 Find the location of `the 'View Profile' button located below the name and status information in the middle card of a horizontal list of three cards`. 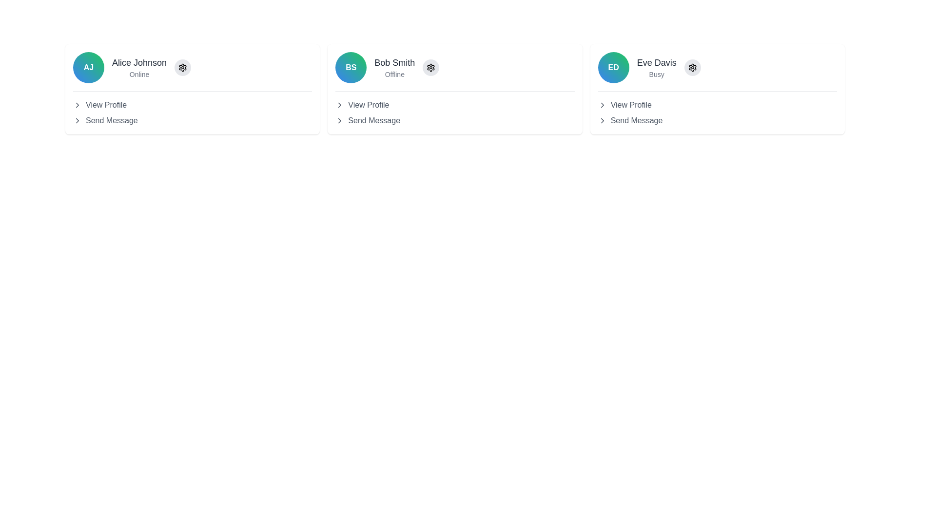

the 'View Profile' button located below the name and status information in the middle card of a horizontal list of three cards is located at coordinates (454, 105).